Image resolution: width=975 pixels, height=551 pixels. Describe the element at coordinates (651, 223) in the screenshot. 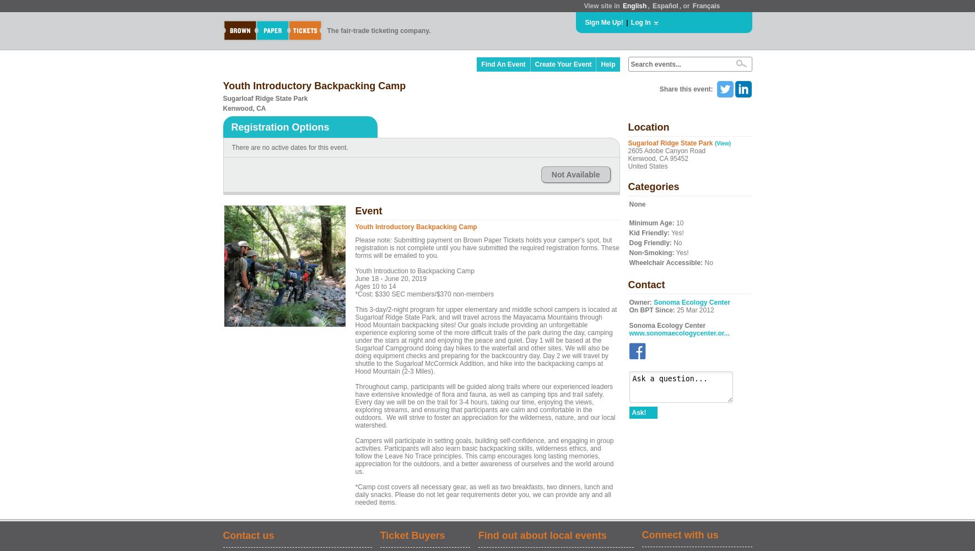

I see `'Minimum Age:'` at that location.